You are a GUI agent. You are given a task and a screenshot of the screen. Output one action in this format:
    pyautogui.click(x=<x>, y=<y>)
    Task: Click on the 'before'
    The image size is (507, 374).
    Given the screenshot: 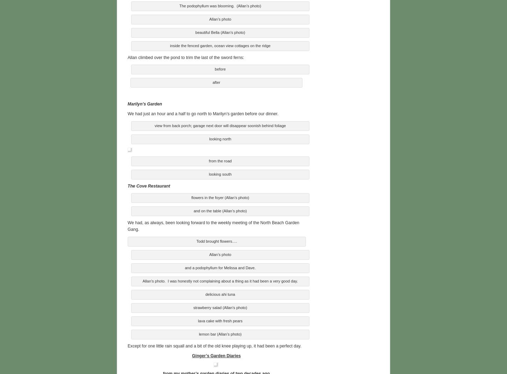 What is the action you would take?
    pyautogui.click(x=220, y=68)
    